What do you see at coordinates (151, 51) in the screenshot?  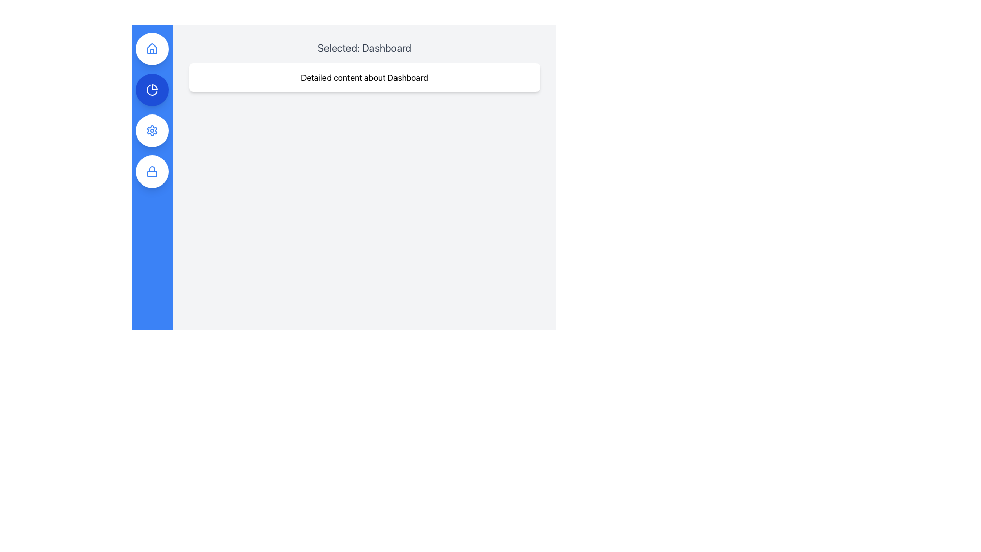 I see `the homepage icon represented as an SVG graphic, which is located in the top position of the left vertical navigation bar within a circular blue button` at bounding box center [151, 51].